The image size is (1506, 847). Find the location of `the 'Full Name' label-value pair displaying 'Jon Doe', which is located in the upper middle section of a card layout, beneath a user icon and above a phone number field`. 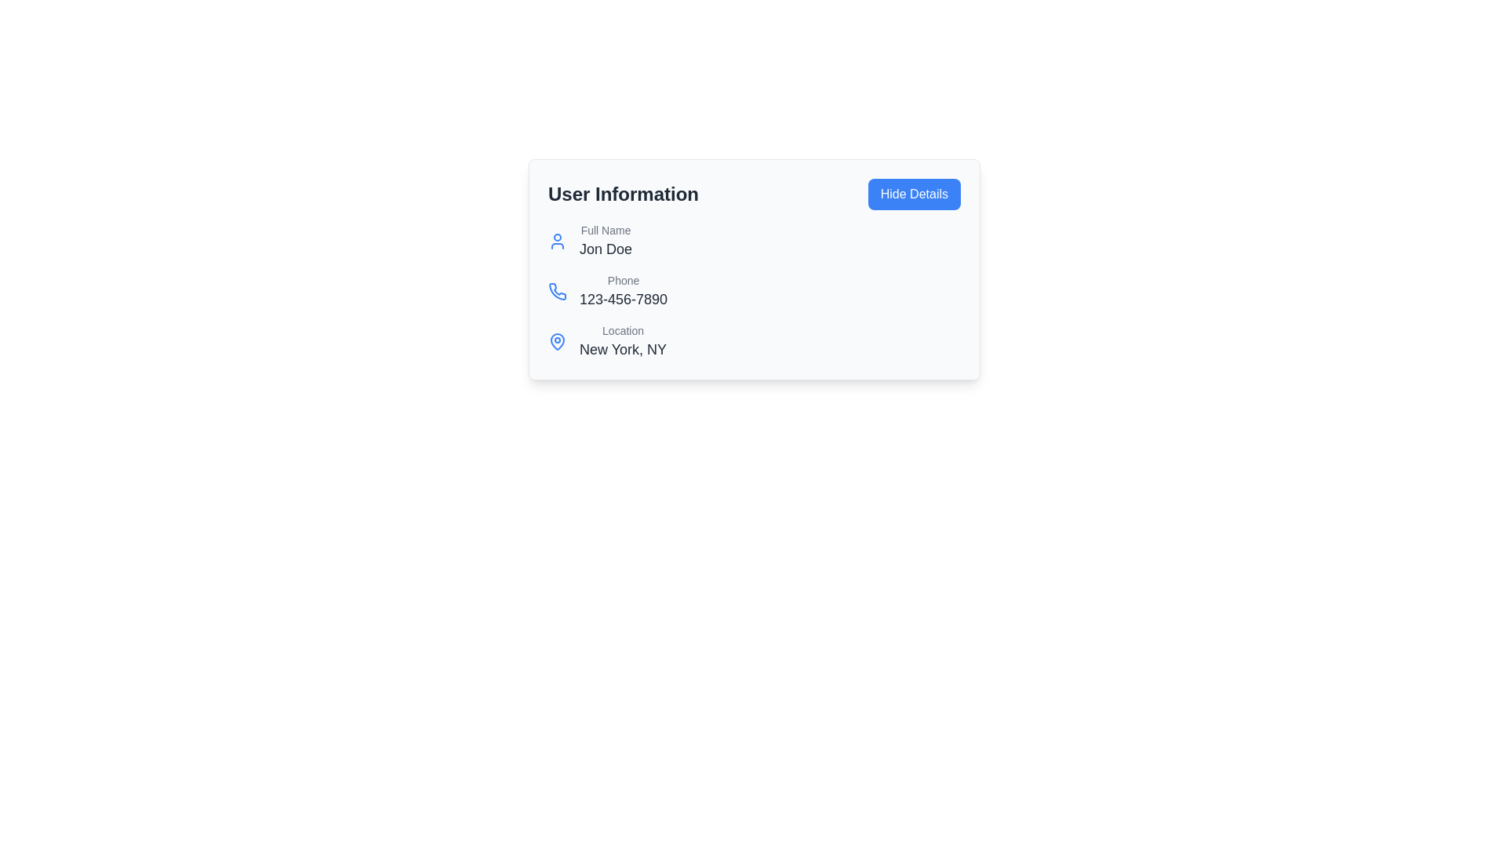

the 'Full Name' label-value pair displaying 'Jon Doe', which is located in the upper middle section of a card layout, beneath a user icon and above a phone number field is located at coordinates (605, 242).